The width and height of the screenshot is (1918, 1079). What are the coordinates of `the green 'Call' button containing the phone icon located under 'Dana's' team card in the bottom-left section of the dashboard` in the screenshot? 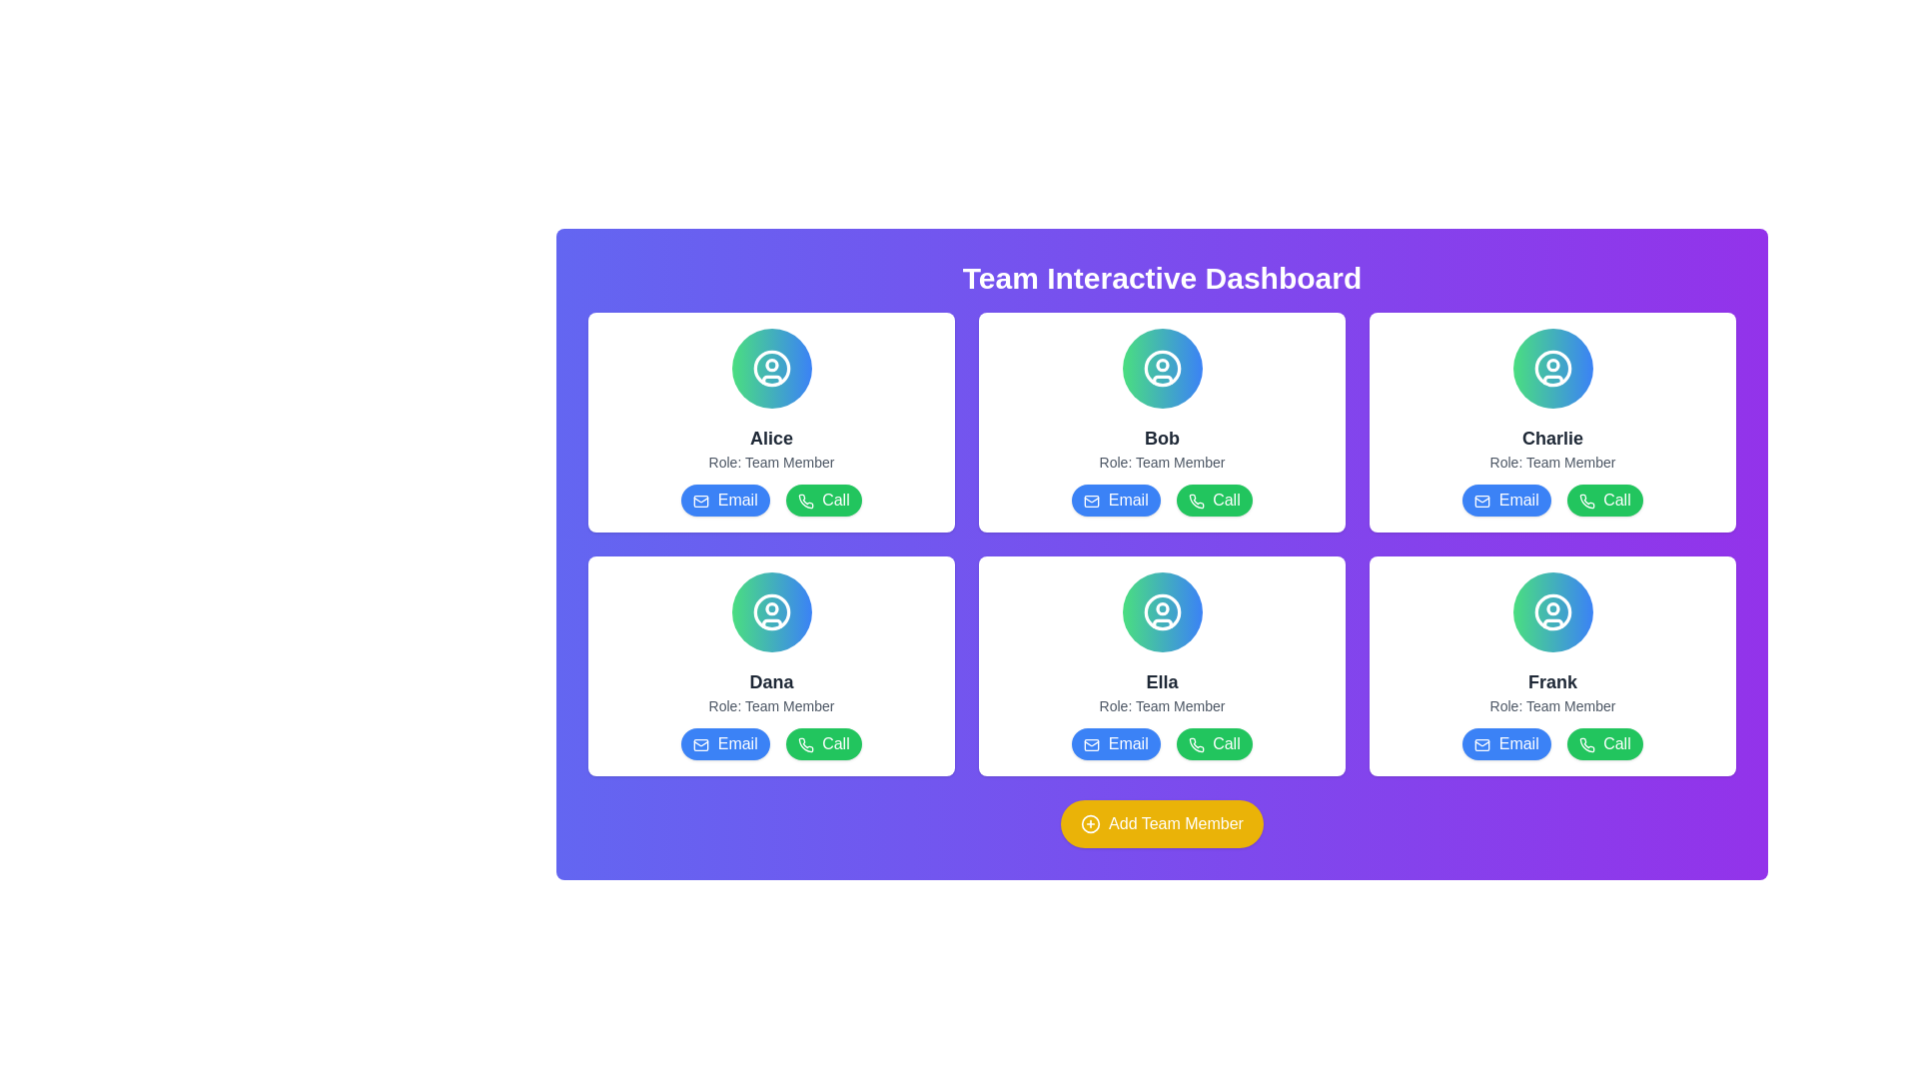 It's located at (805, 744).